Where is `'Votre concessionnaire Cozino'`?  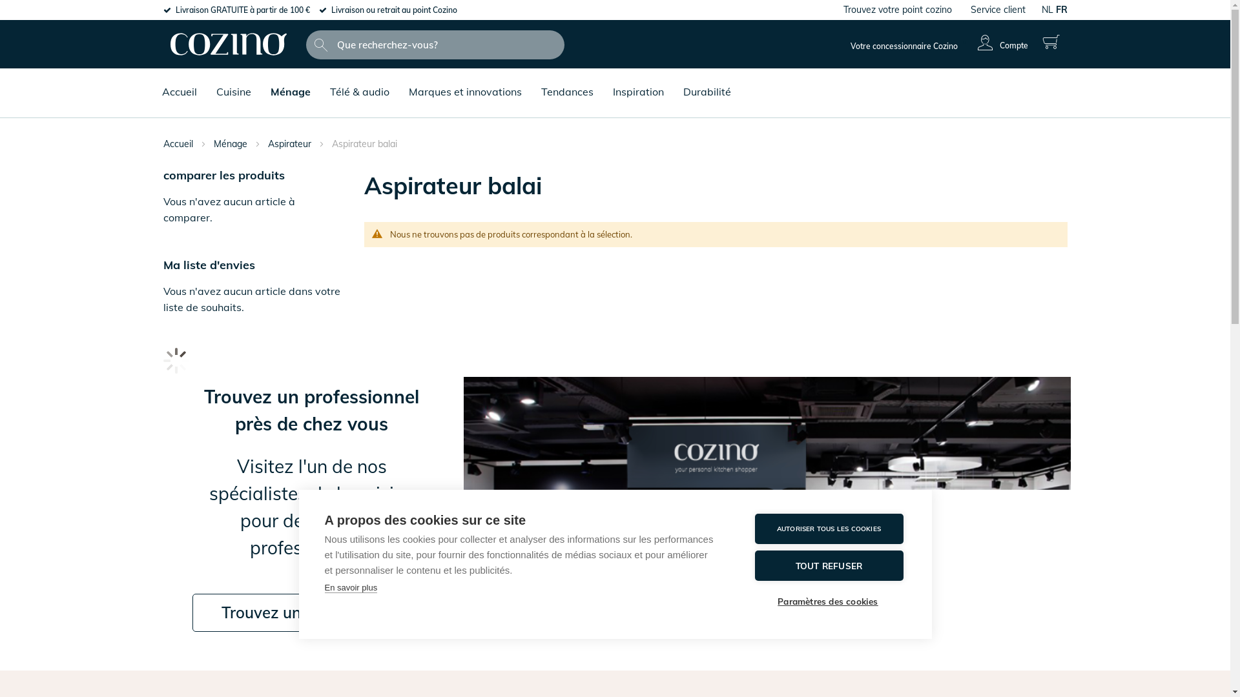
'Votre concessionnaire Cozino' is located at coordinates (904, 45).